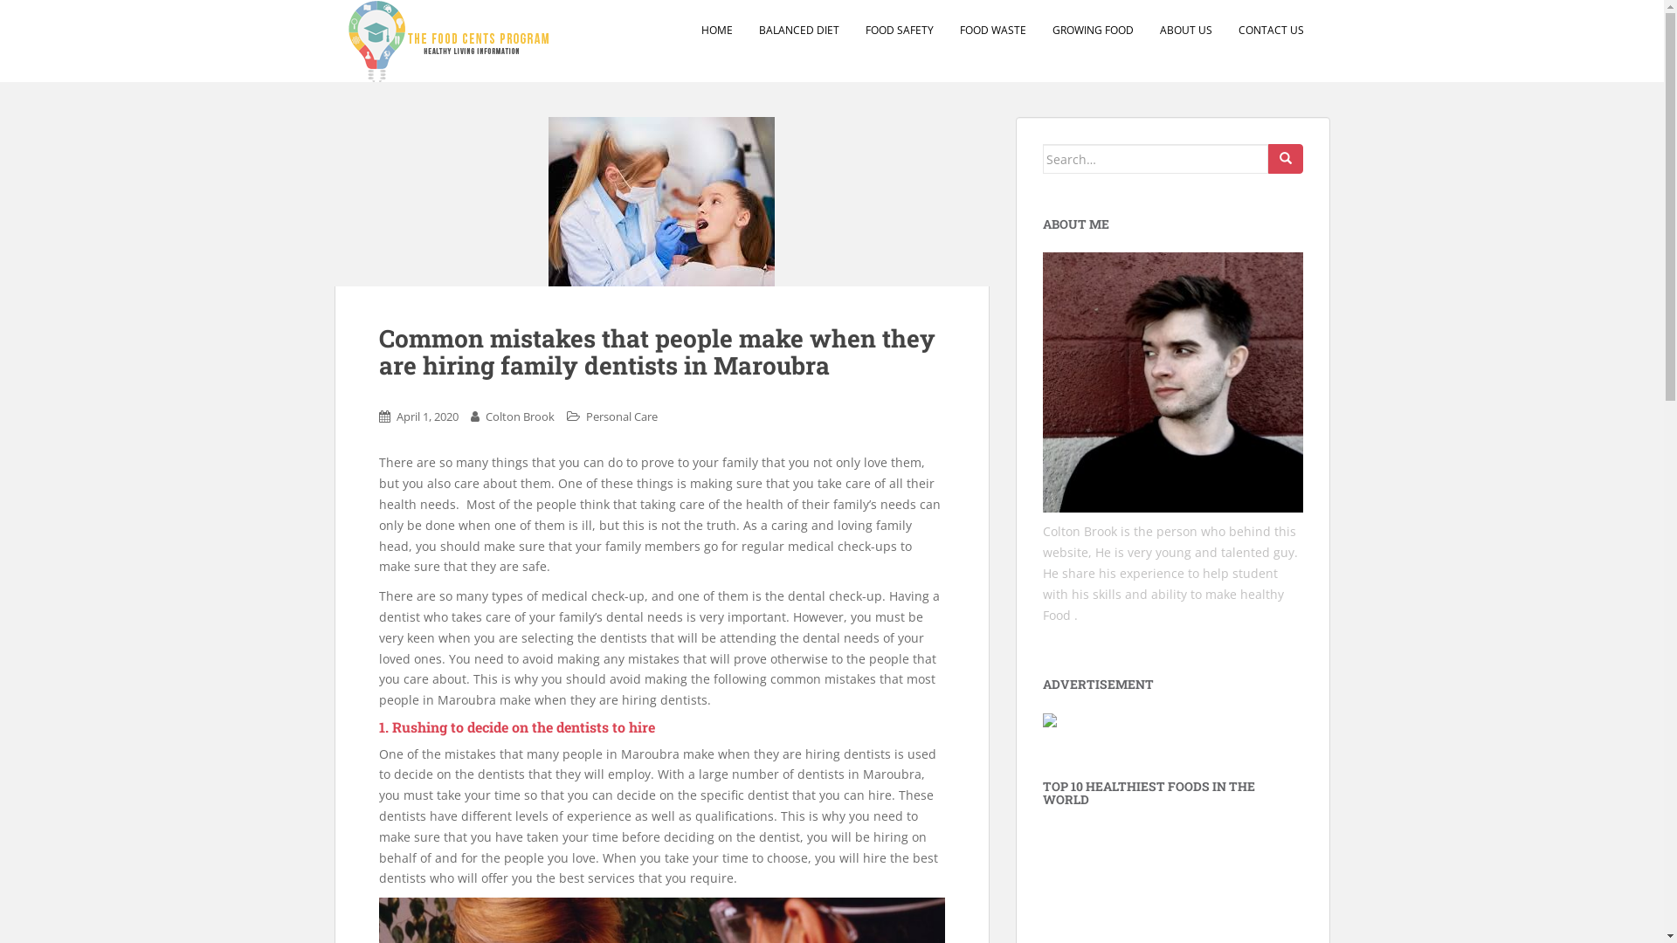 Image resolution: width=1677 pixels, height=943 pixels. Describe the element at coordinates (898, 30) in the screenshot. I see `'FOOD SAFETY'` at that location.